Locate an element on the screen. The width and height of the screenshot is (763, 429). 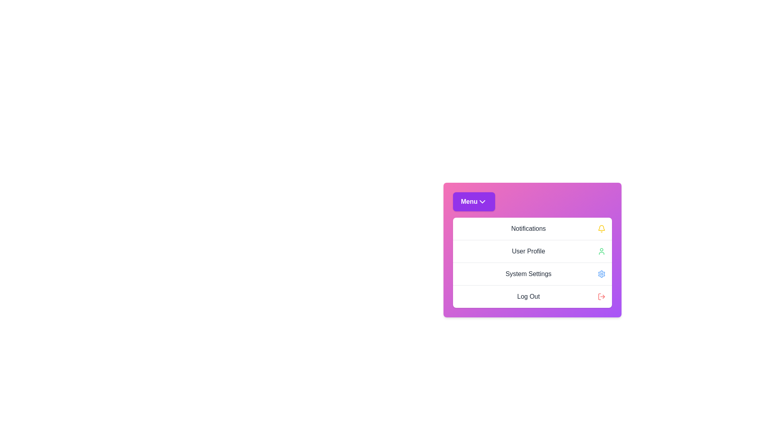
the 'User Profile' option in the menu is located at coordinates (532, 251).